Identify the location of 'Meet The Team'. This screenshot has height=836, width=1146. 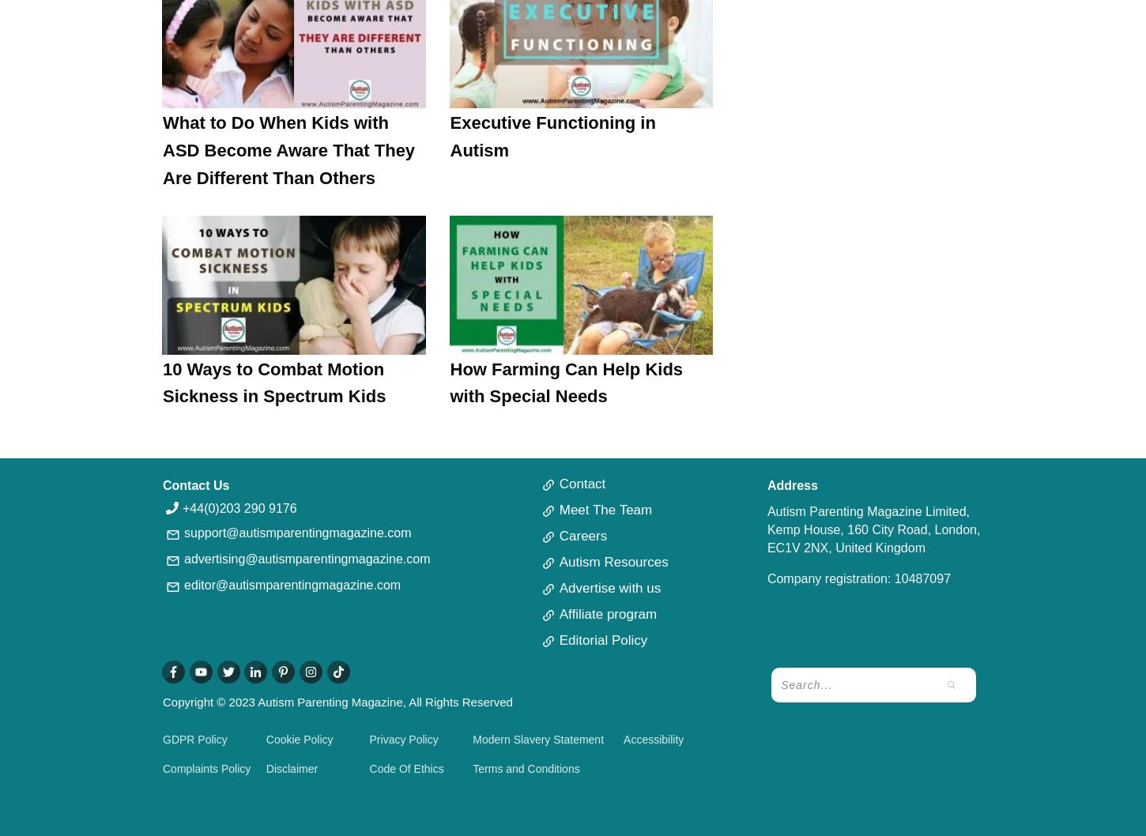
(605, 509).